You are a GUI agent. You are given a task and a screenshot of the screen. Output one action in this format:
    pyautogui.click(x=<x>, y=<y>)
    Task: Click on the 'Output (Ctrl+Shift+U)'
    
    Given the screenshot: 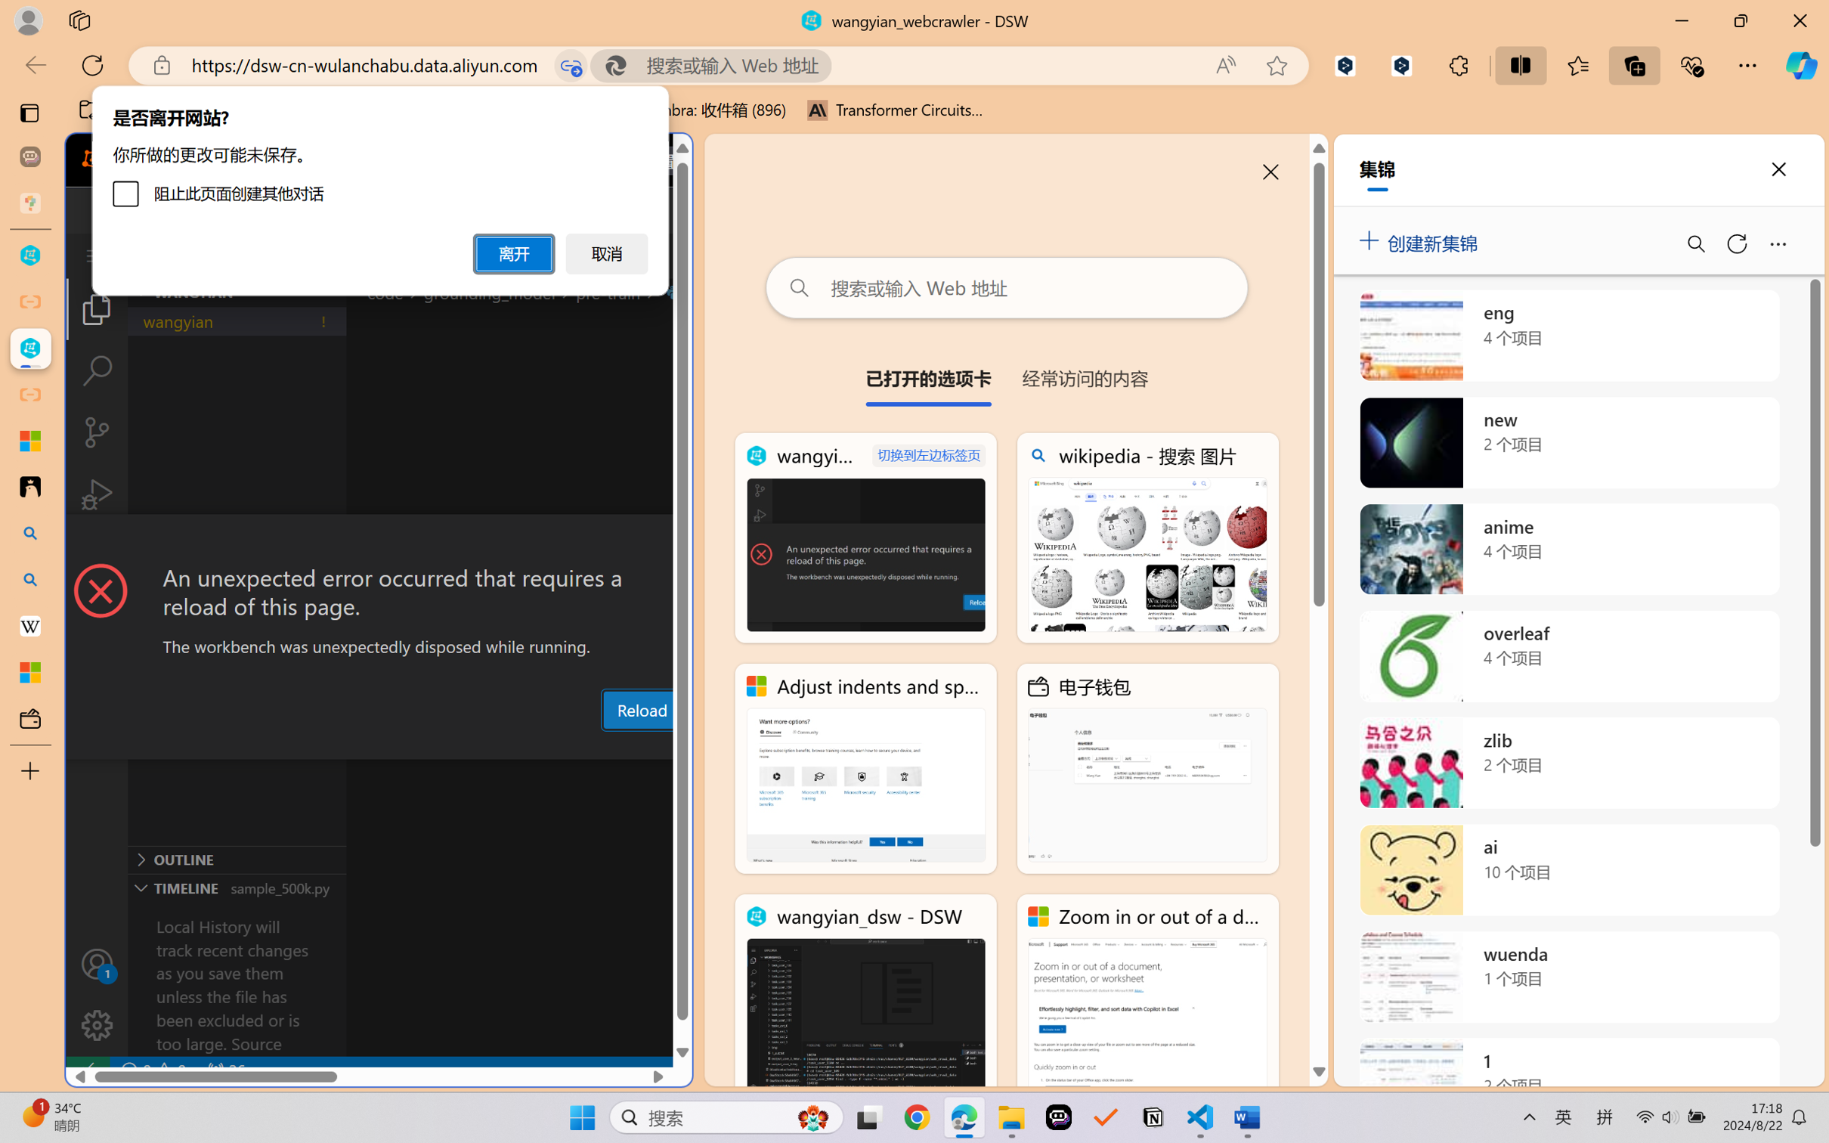 What is the action you would take?
    pyautogui.click(x=497, y=745)
    